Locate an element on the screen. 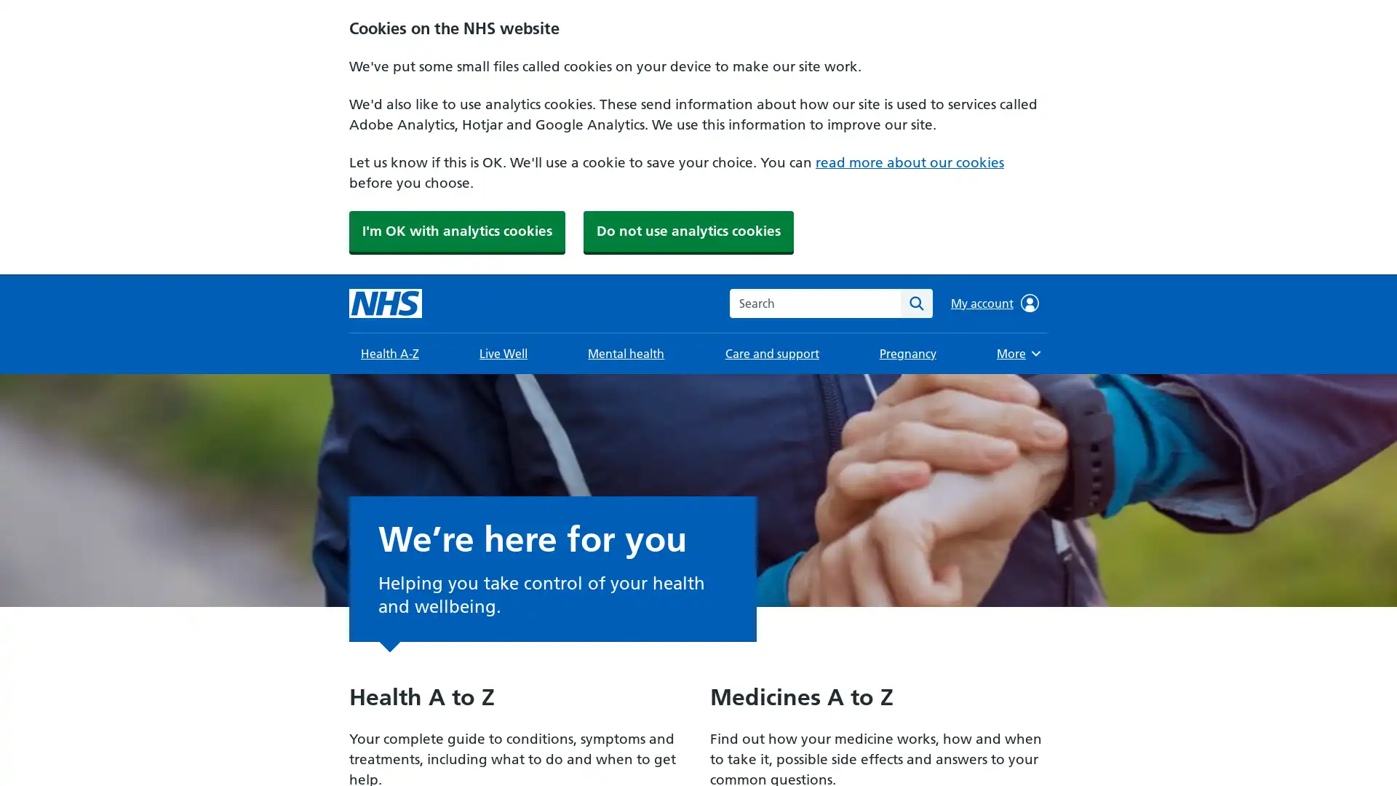  I'm OK with analytics cookies is located at coordinates (456, 230).